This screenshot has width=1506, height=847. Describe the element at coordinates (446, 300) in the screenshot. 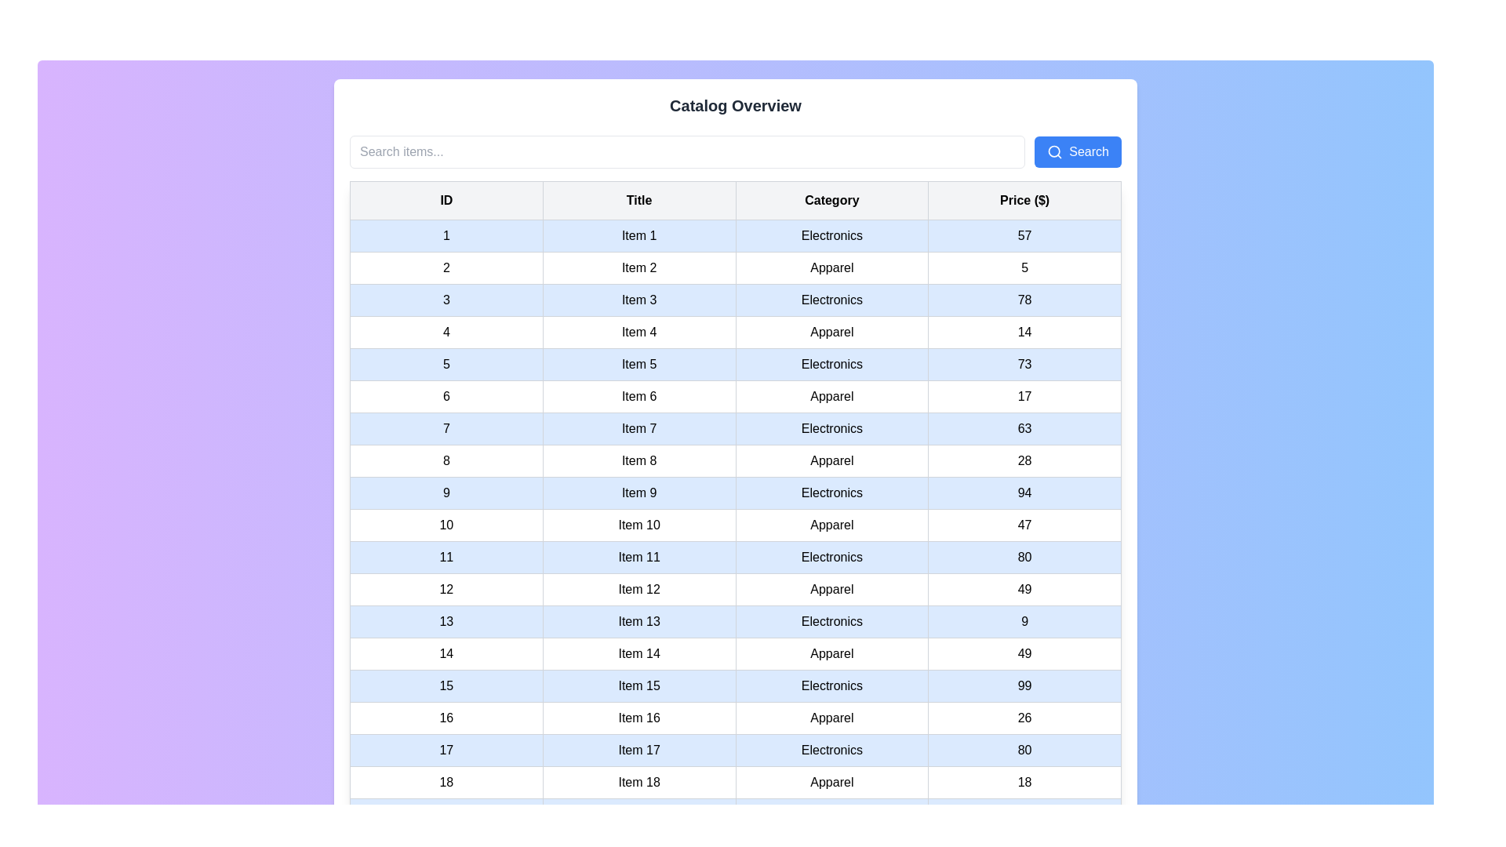

I see `the leftmost cell in the middle row of the table that contains the unique identifier 'Item 3', which is labeled as 'ID'` at that location.